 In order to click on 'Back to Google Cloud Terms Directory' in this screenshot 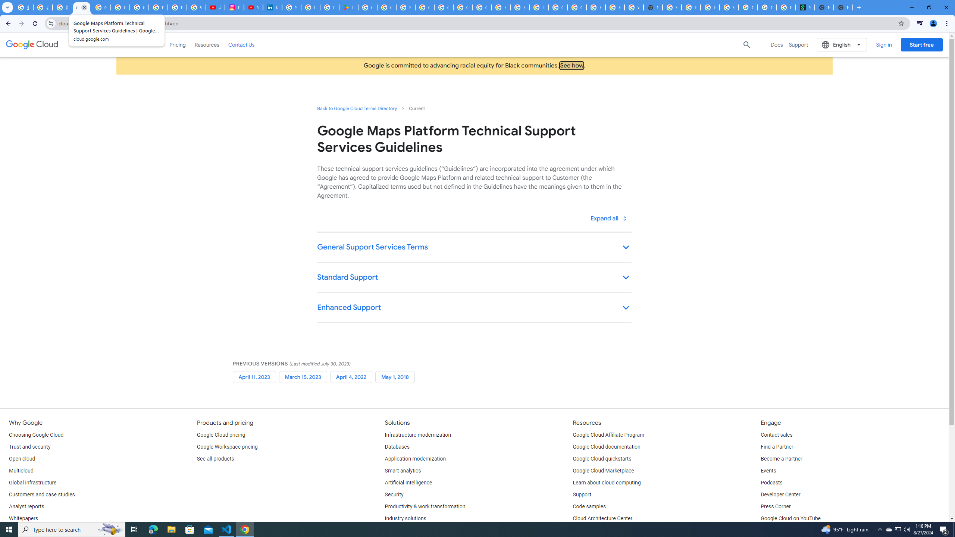, I will do `click(357, 108)`.